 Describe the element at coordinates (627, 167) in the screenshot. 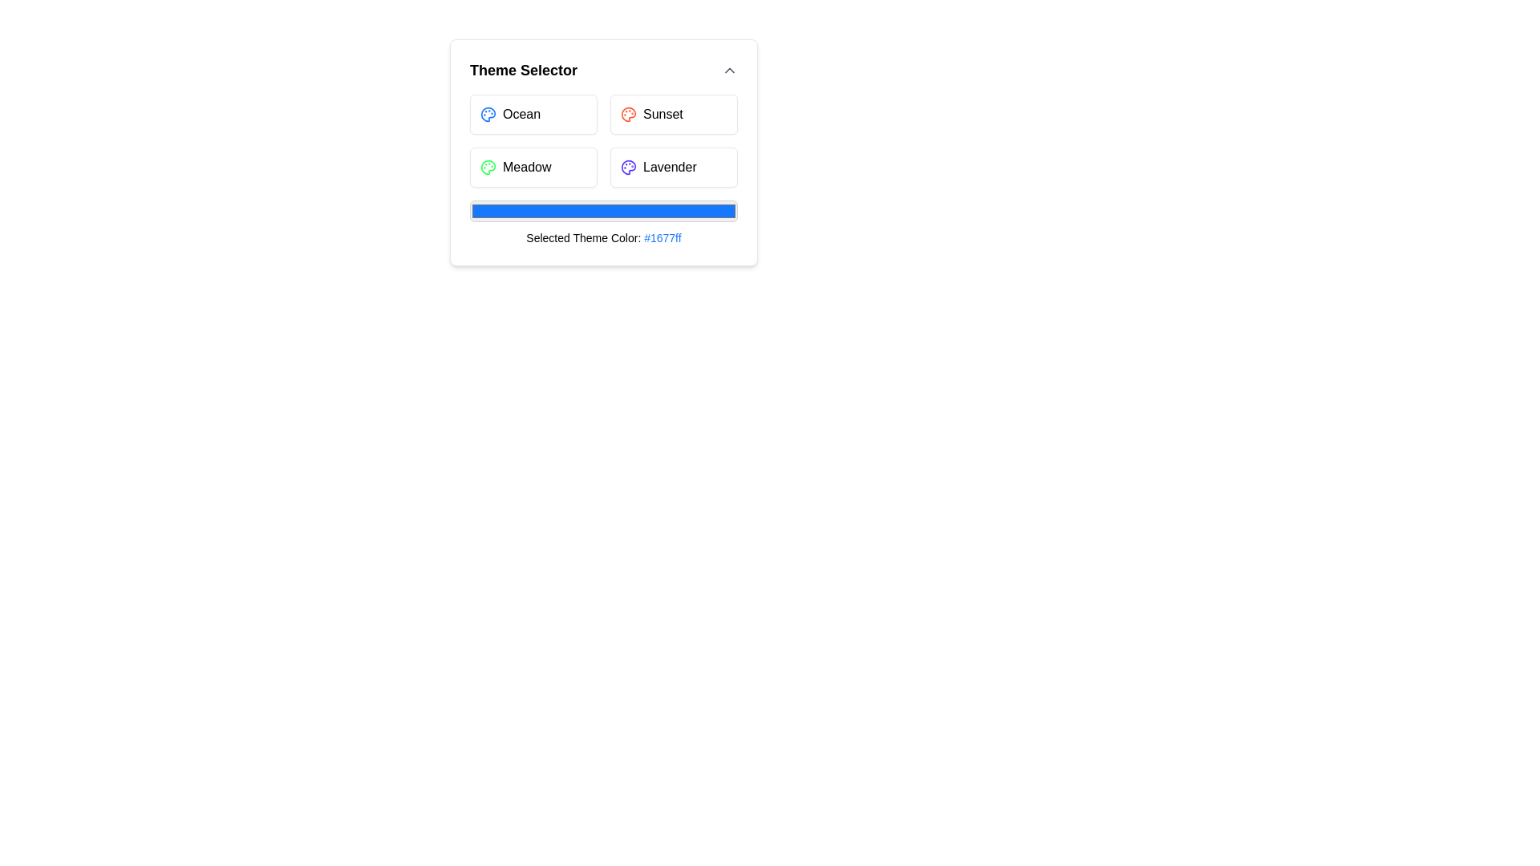

I see `the 'Lavender' theme palette icon, which is located in the bottom-right corner of the fourth button in the theme selector grid` at that location.